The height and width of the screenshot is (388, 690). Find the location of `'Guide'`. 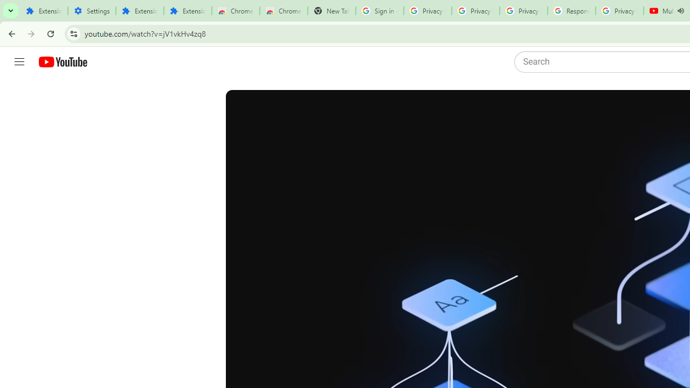

'Guide' is located at coordinates (19, 62).